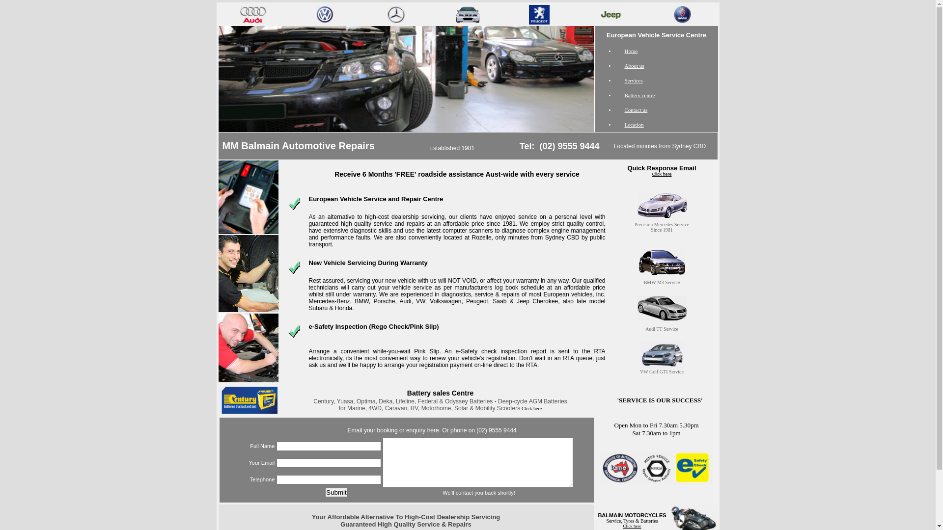 The height and width of the screenshot is (530, 943). What do you see at coordinates (531, 408) in the screenshot?
I see `'Click here'` at bounding box center [531, 408].